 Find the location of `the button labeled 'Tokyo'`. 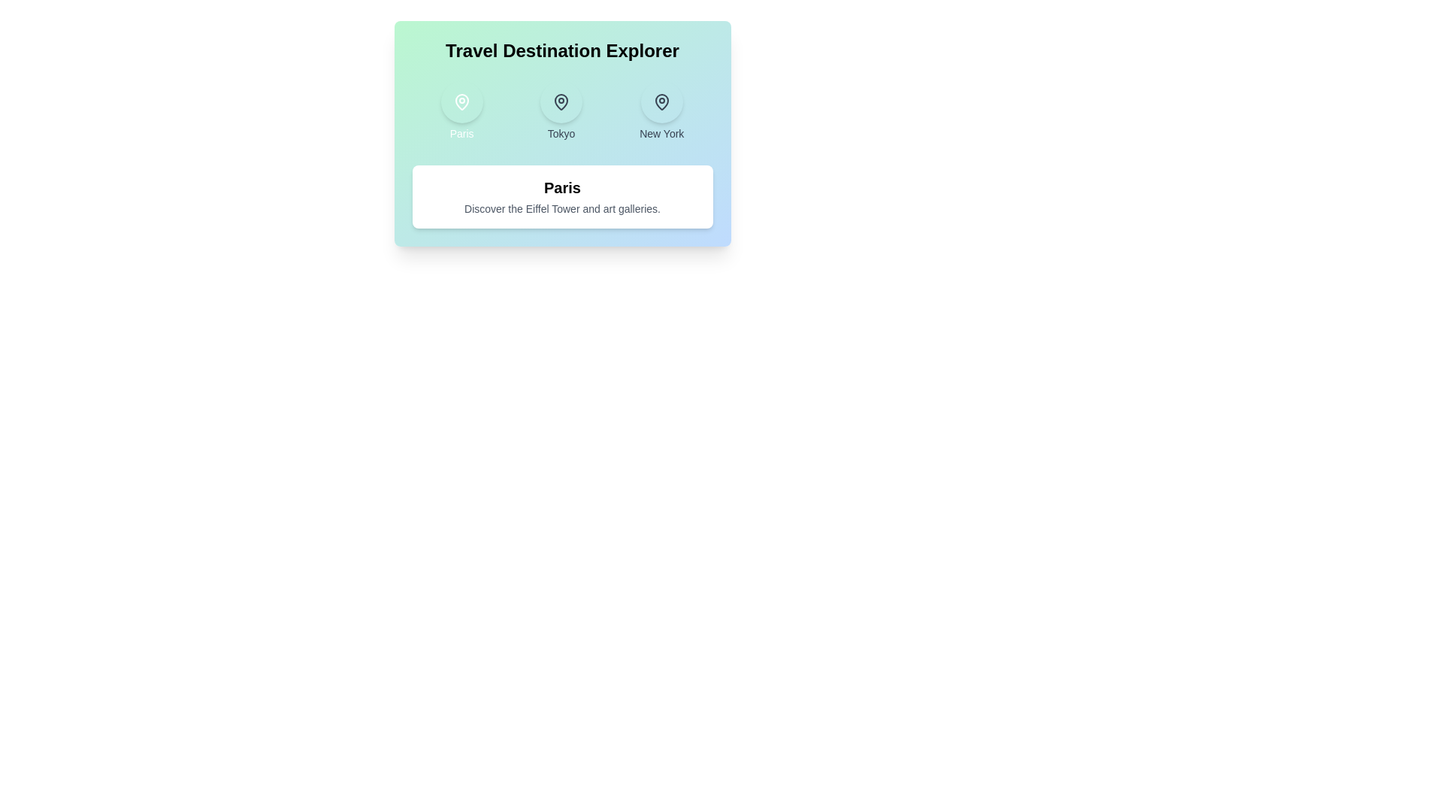

the button labeled 'Tokyo' is located at coordinates (560, 110).